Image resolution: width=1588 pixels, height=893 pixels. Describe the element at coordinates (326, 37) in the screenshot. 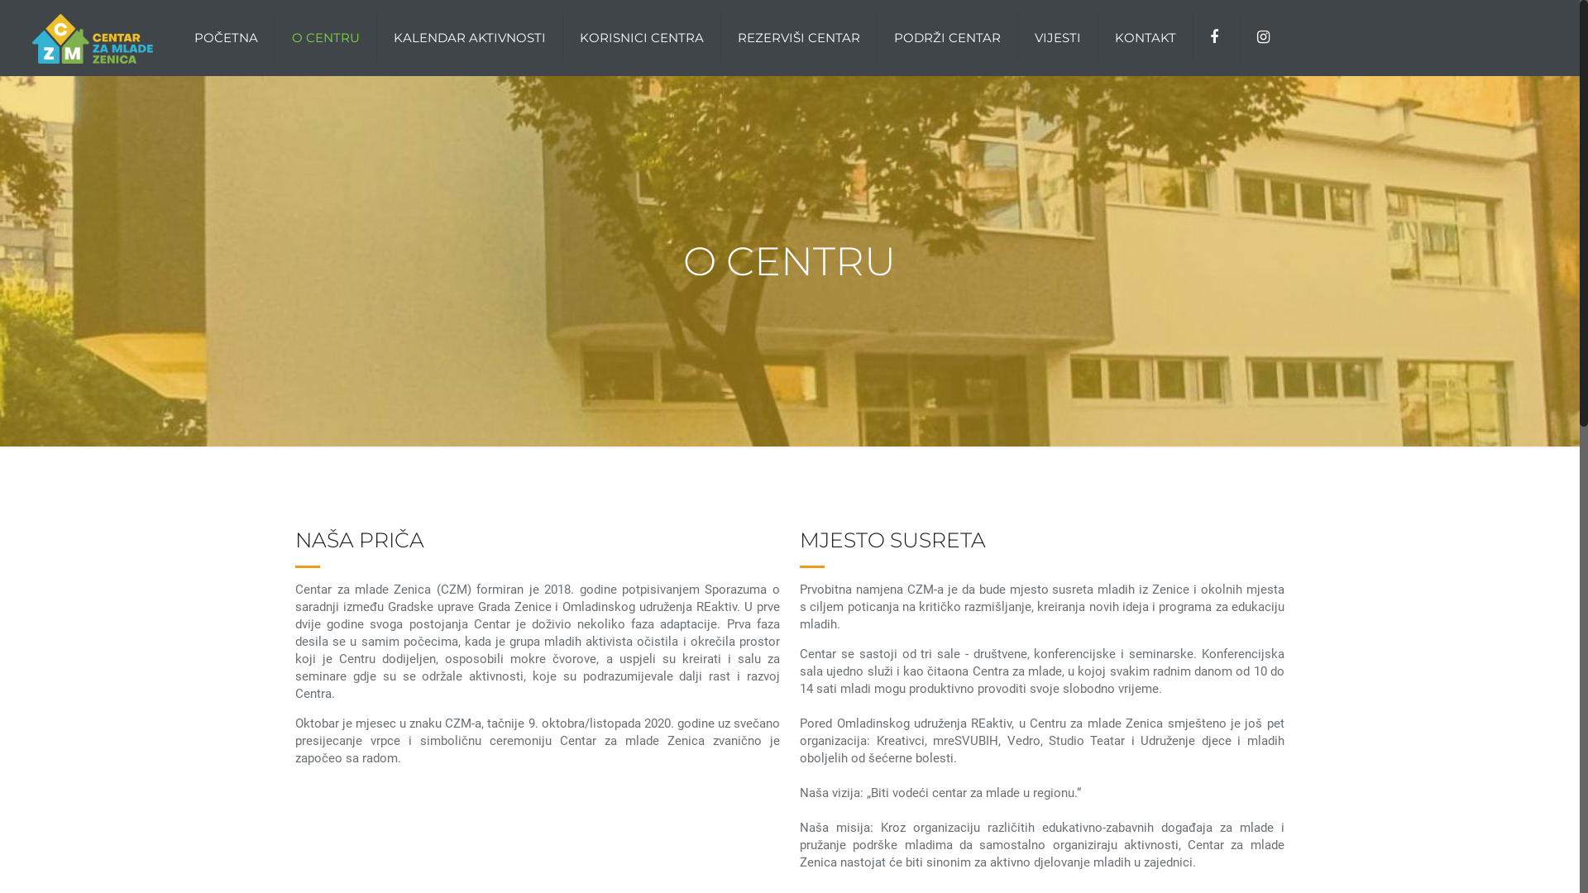

I see `'O CENTRU'` at that location.